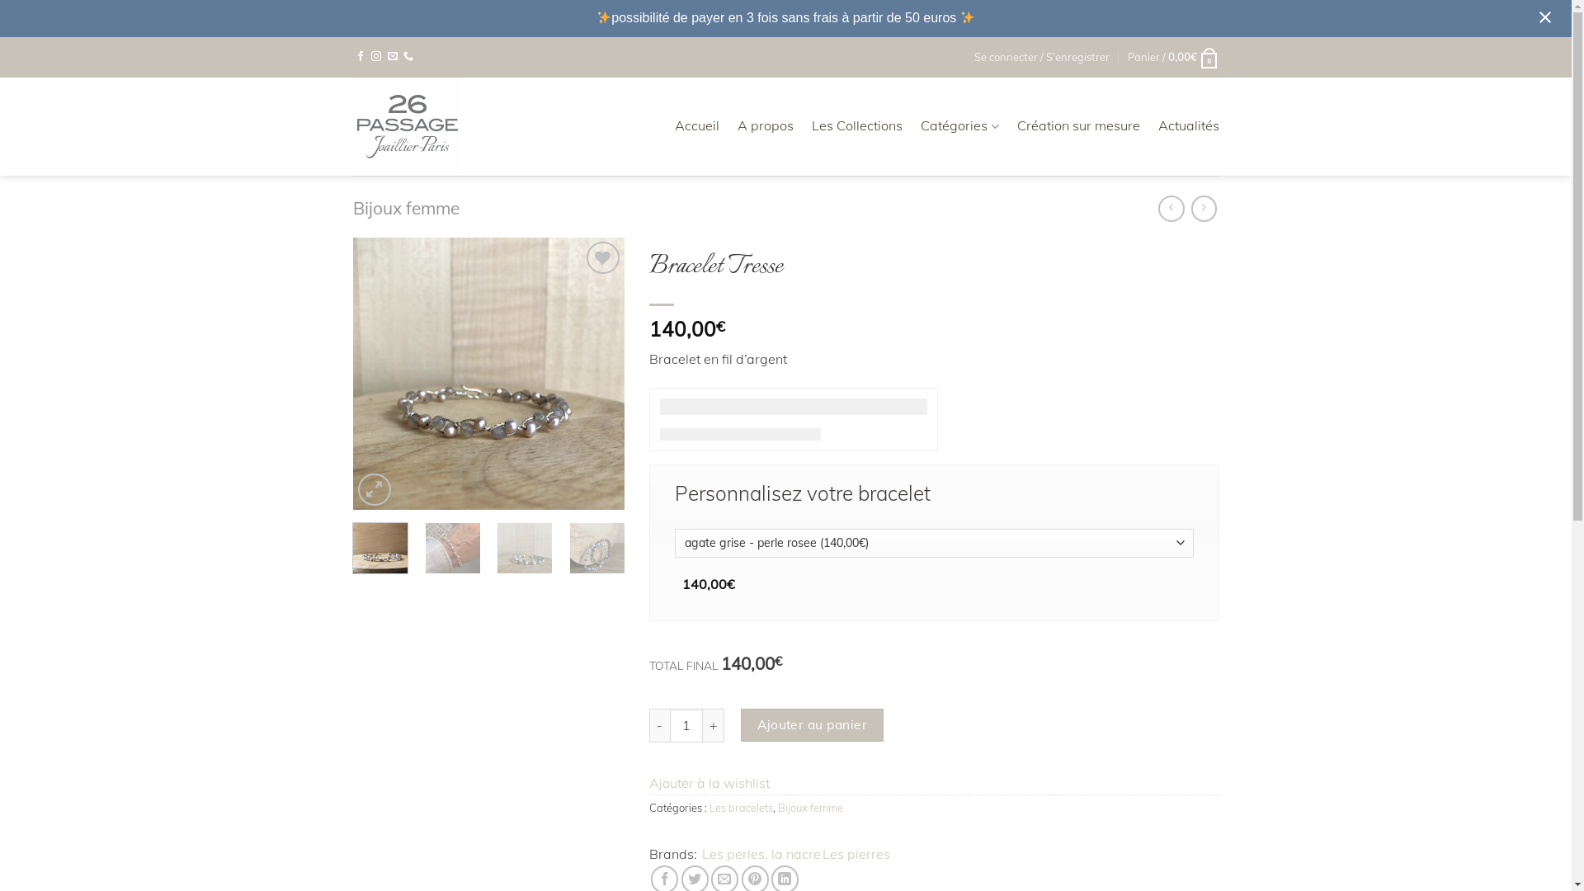  What do you see at coordinates (736, 125) in the screenshot?
I see `'A propos'` at bounding box center [736, 125].